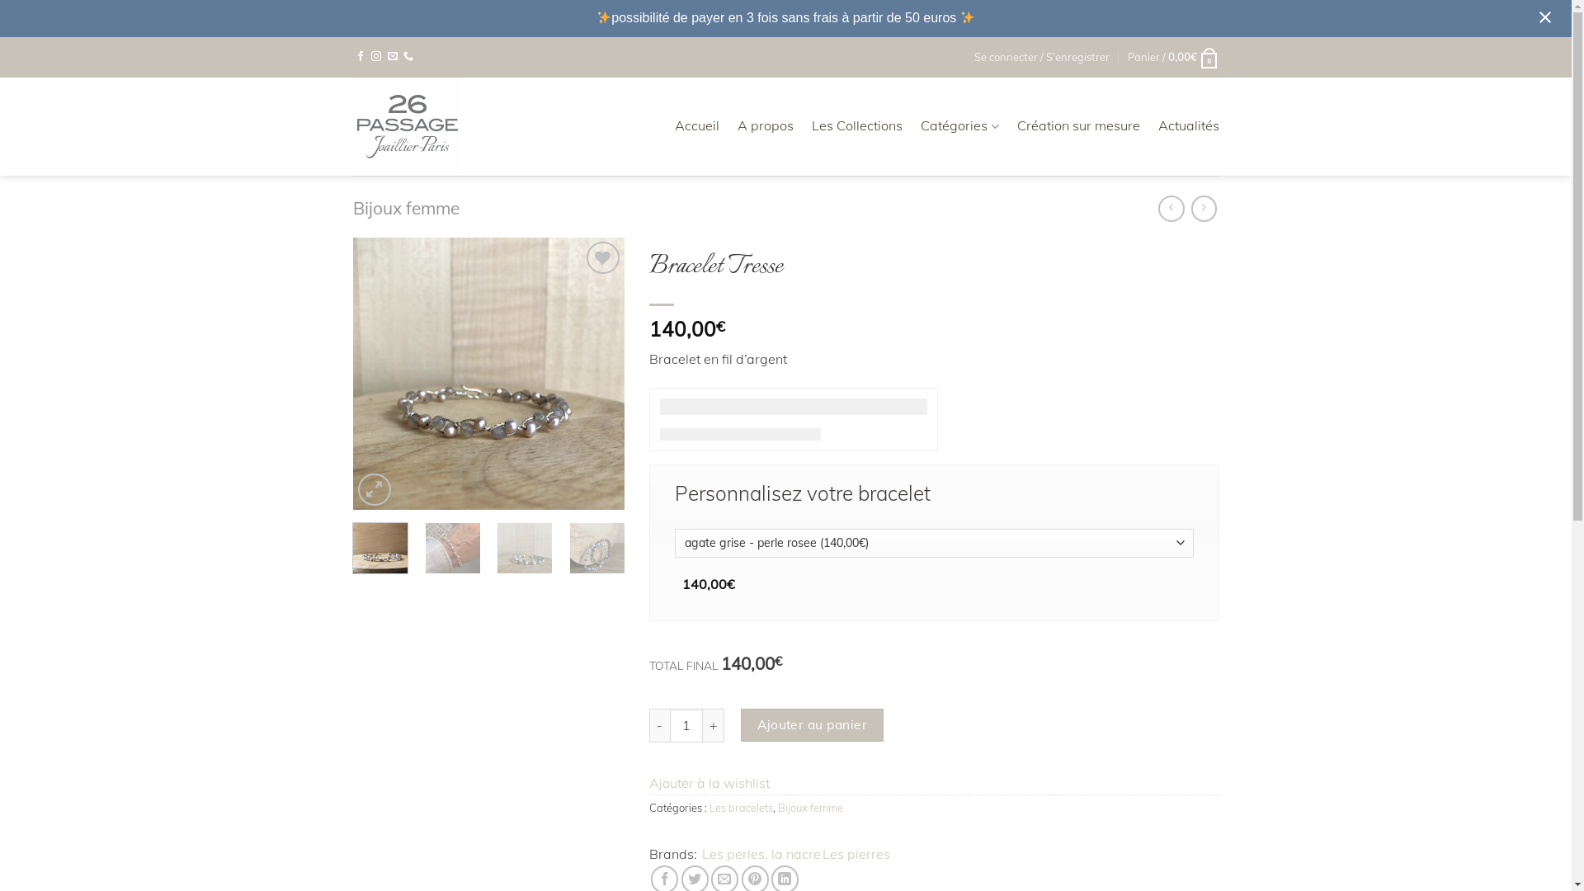  What do you see at coordinates (736, 125) in the screenshot?
I see `'A propos'` at bounding box center [736, 125].